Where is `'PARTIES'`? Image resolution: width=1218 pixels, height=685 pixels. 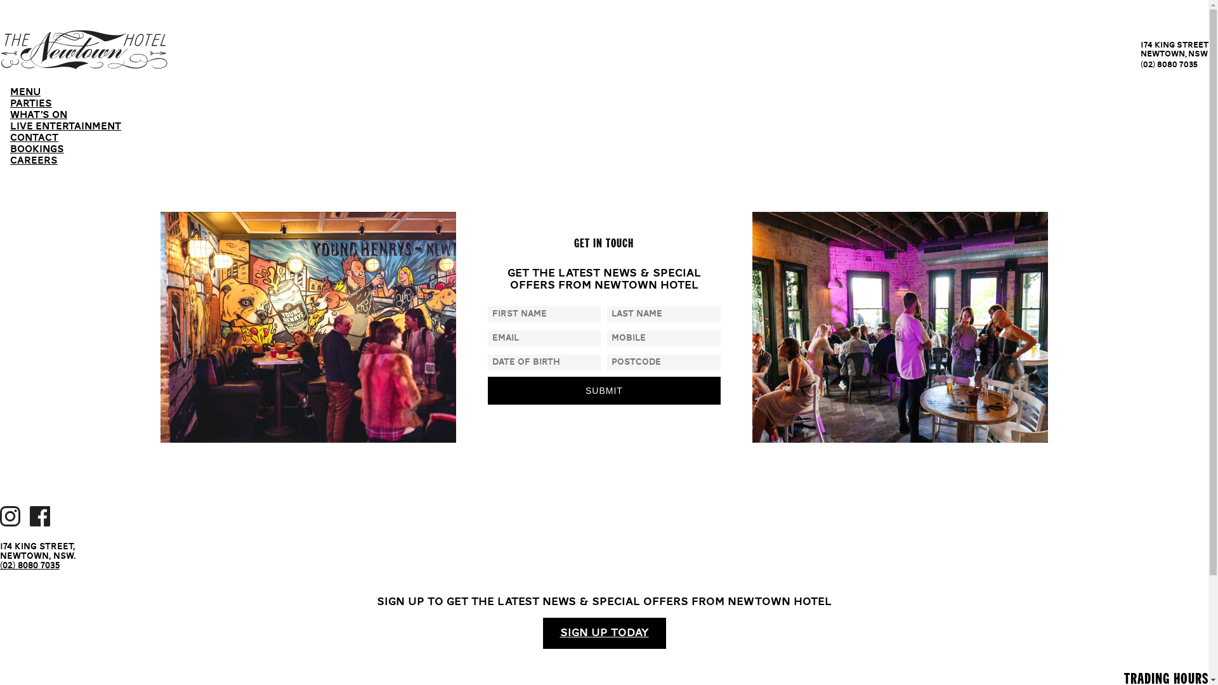
'PARTIES' is located at coordinates (30, 104).